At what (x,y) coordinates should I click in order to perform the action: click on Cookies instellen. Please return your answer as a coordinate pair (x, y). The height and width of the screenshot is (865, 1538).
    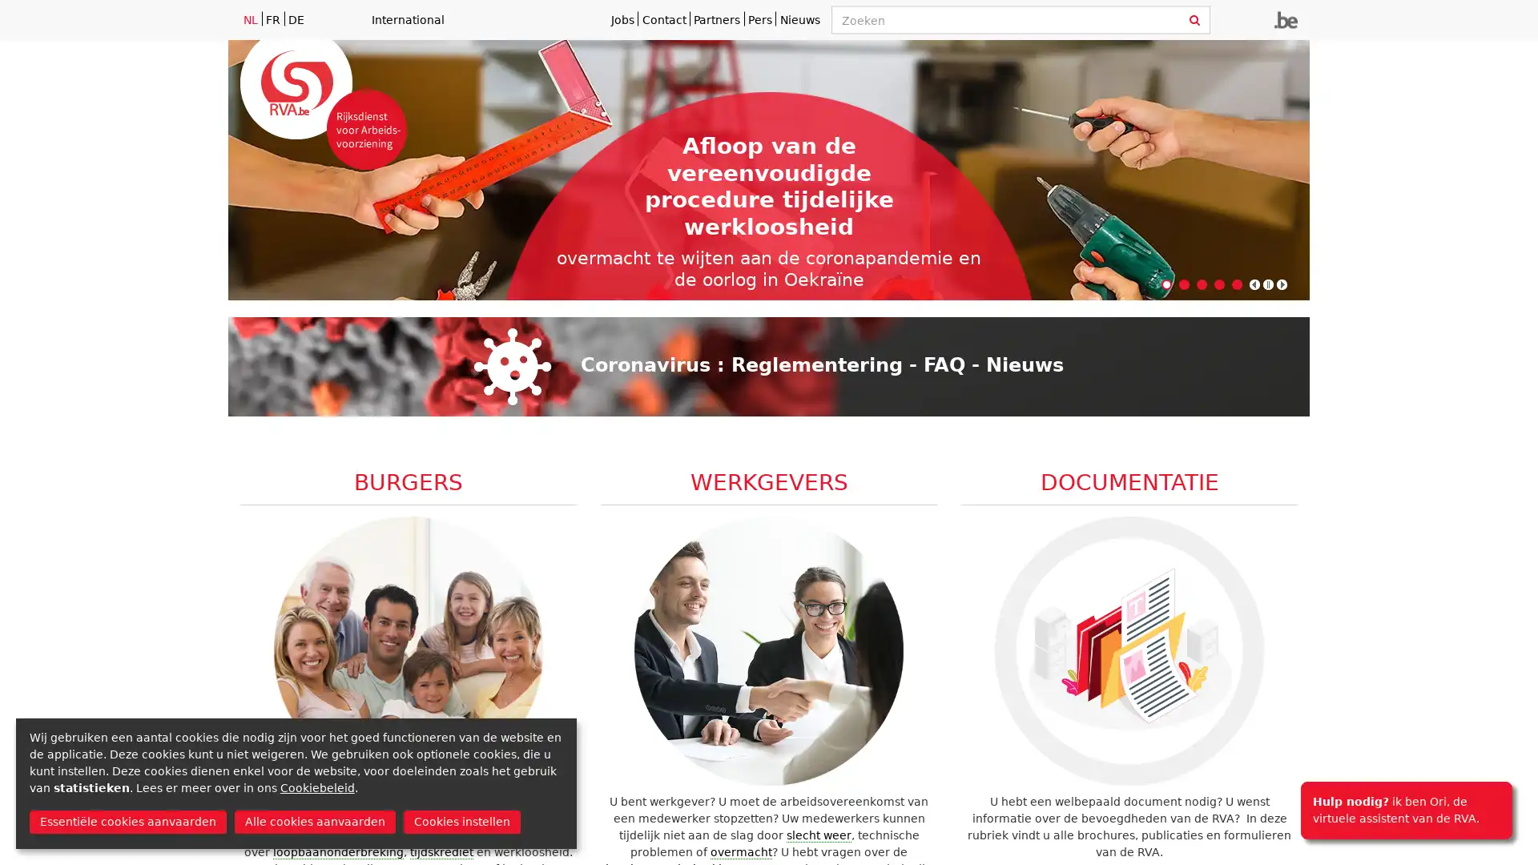
    Looking at the image, I should click on (461, 822).